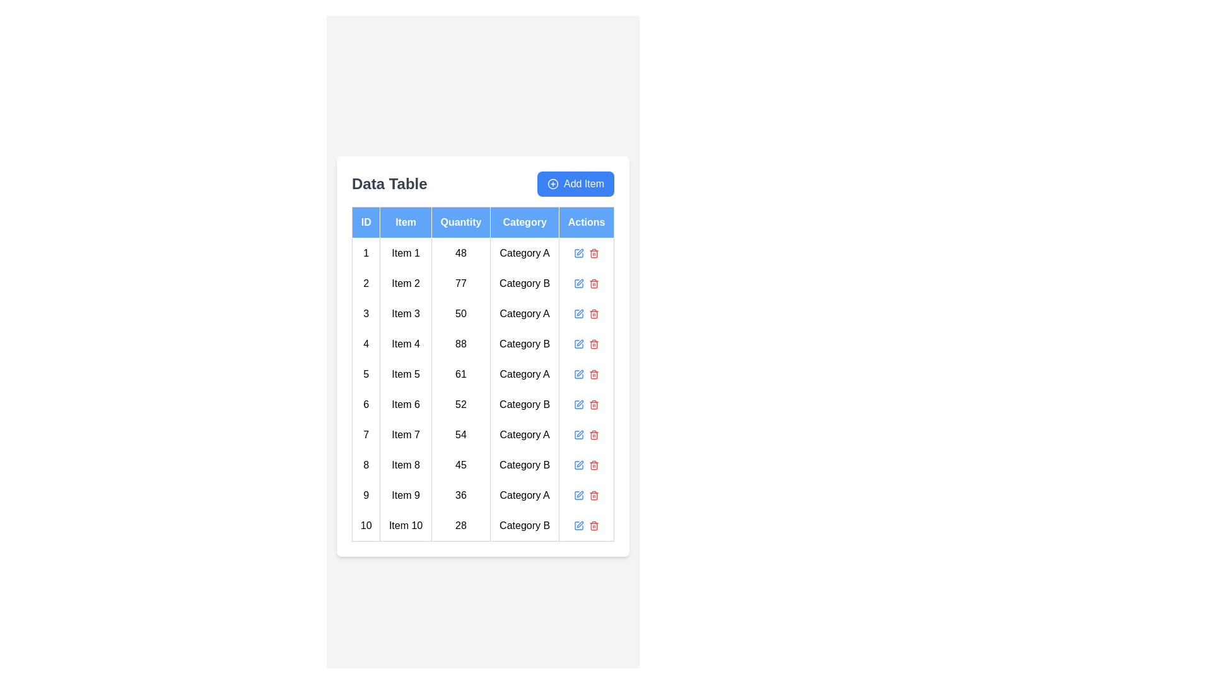 The width and height of the screenshot is (1211, 681). I want to click on the trash icon in the actions column of the third row in the data table, so click(586, 313).